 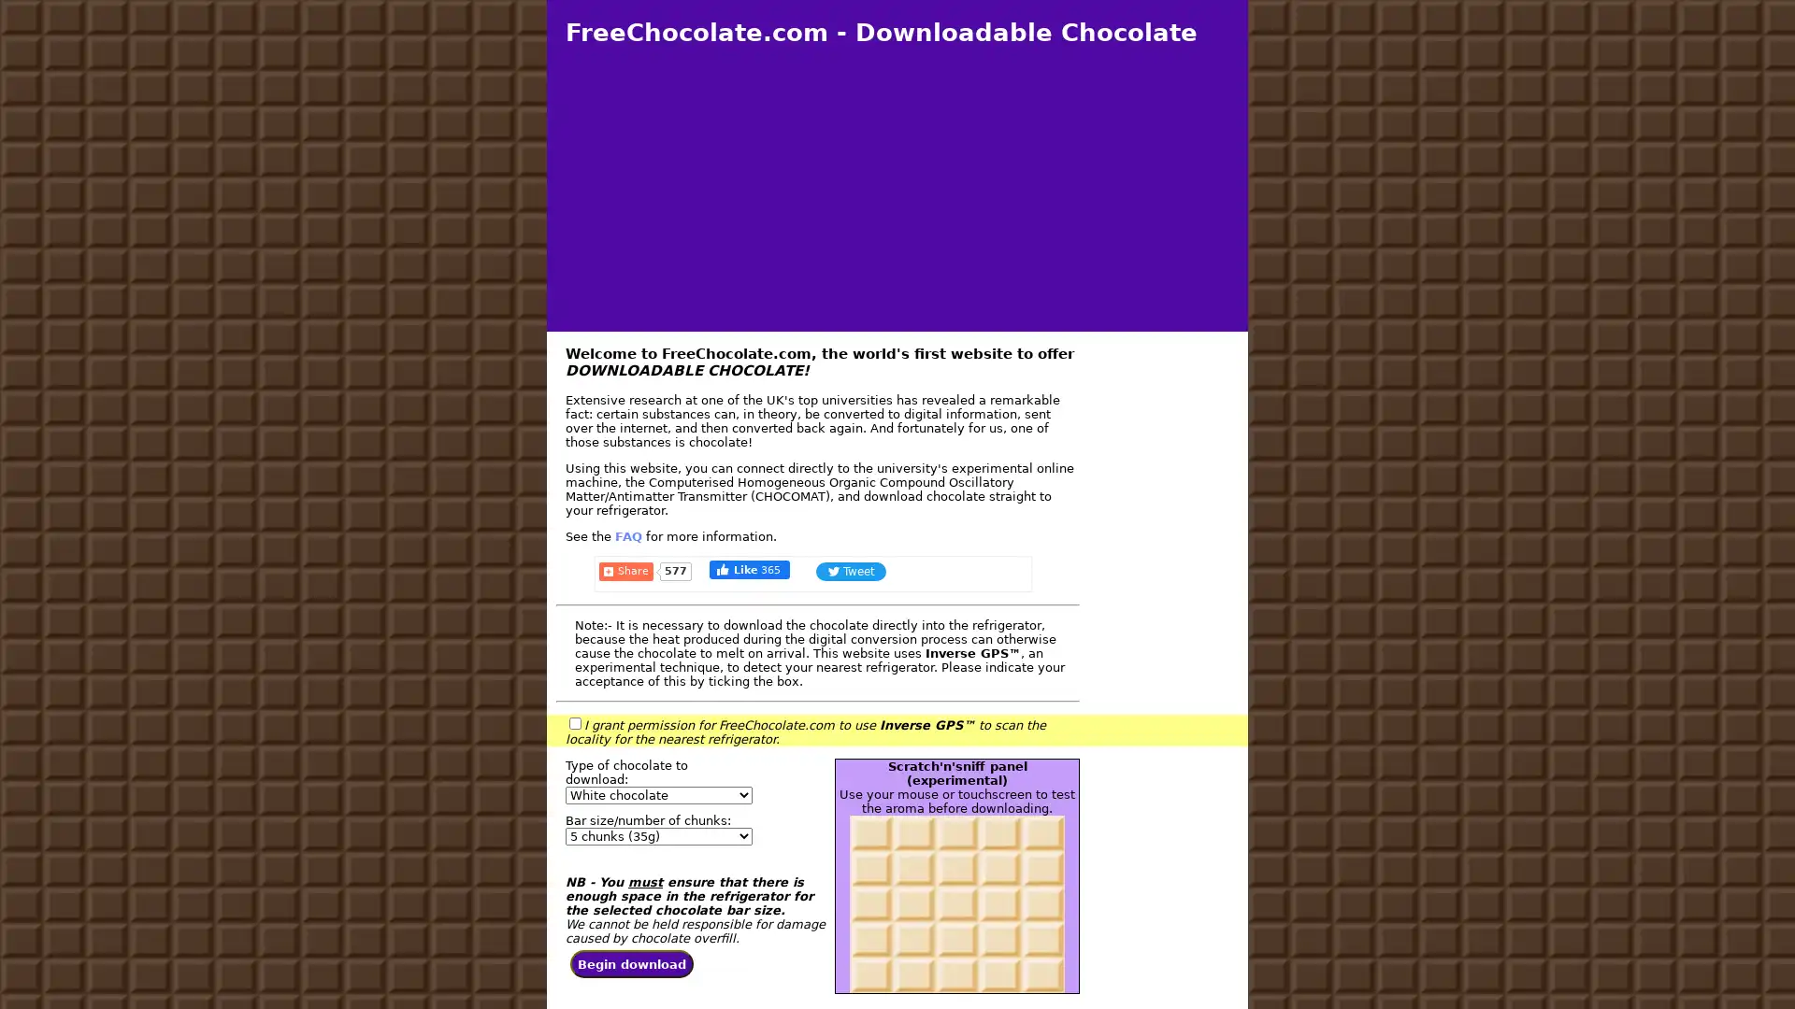 I want to click on Begin download, so click(x=632, y=964).